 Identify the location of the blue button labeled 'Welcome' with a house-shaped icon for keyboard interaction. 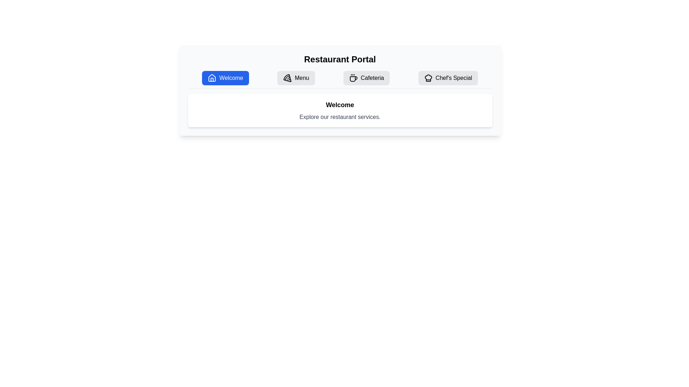
(225, 78).